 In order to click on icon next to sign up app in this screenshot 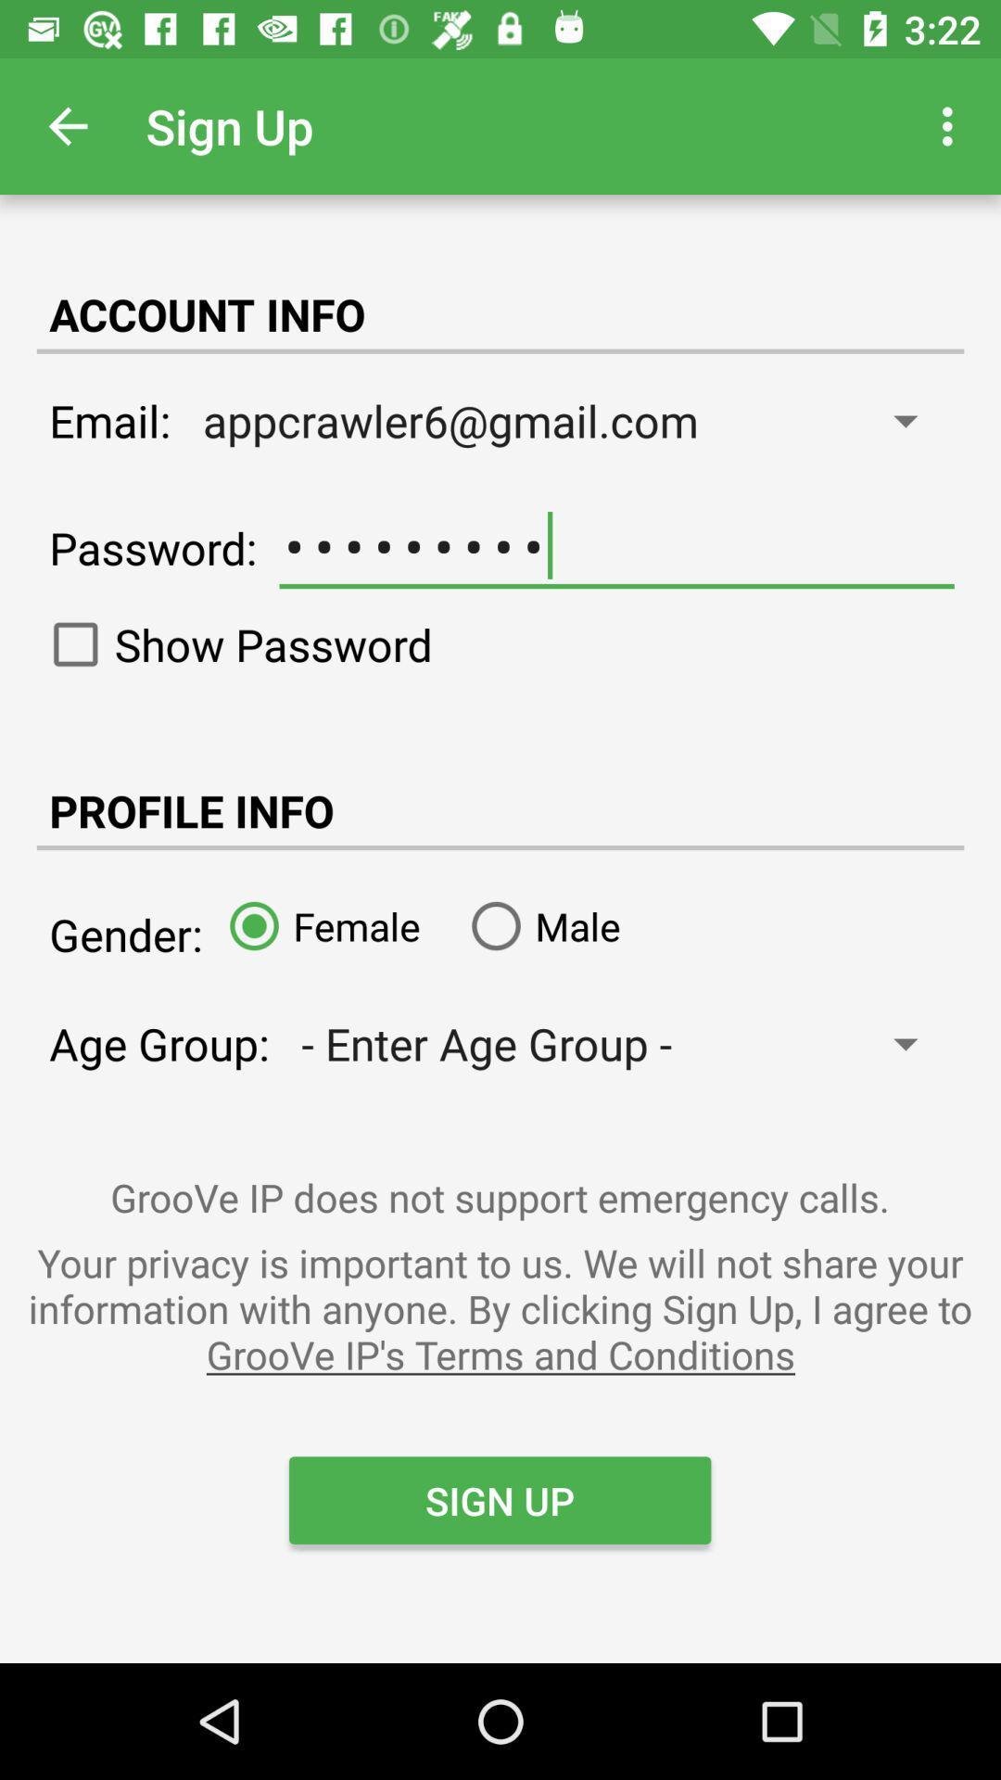, I will do `click(67, 125)`.